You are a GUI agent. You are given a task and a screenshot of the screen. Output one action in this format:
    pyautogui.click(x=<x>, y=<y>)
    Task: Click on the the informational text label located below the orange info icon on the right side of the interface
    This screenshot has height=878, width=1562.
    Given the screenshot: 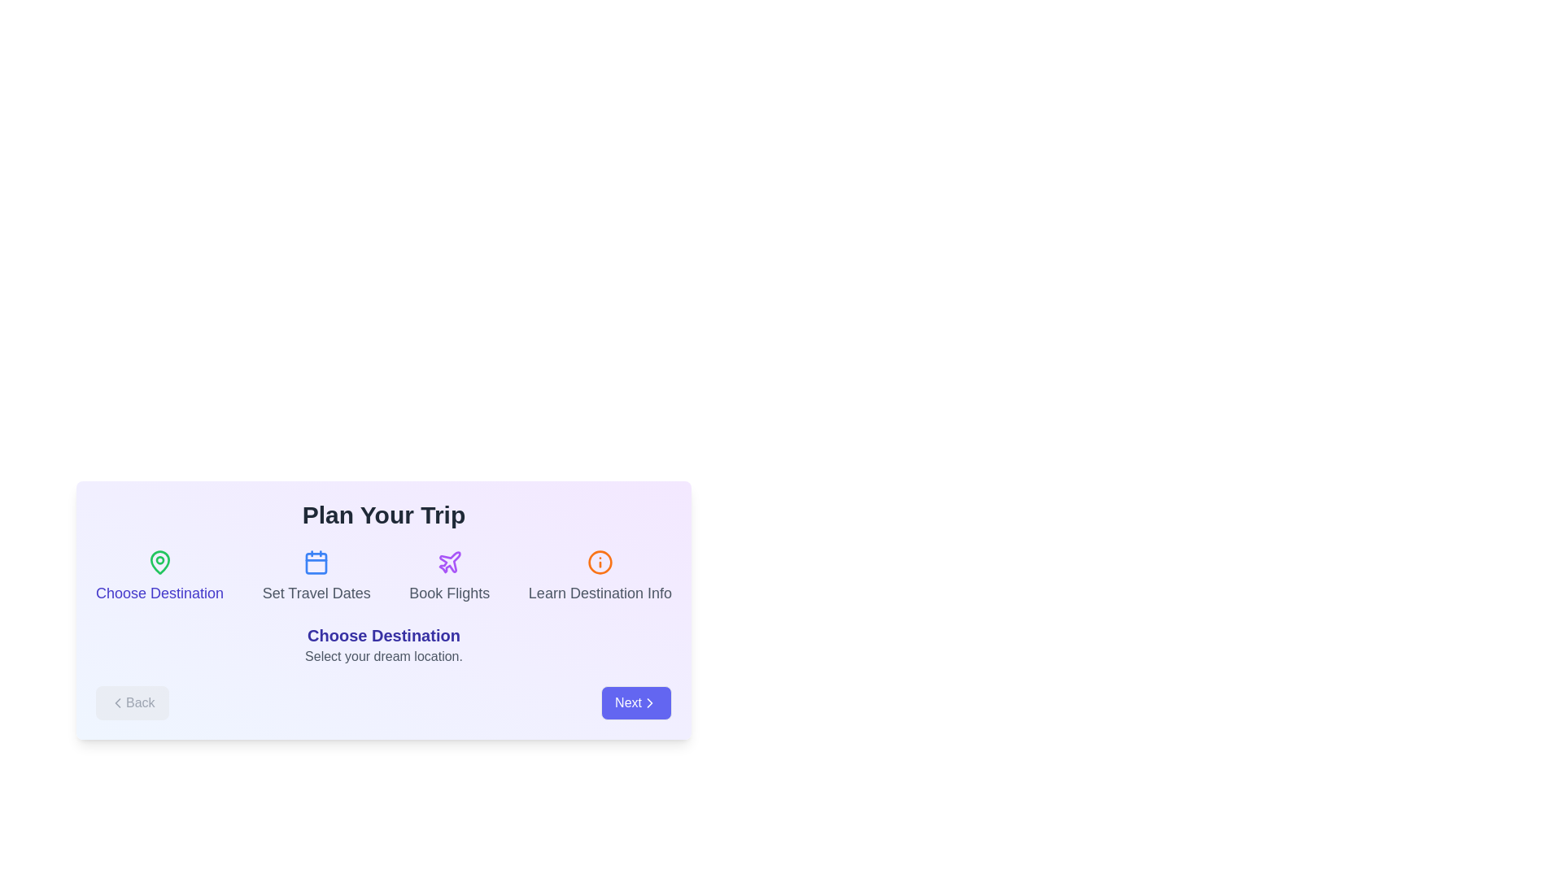 What is the action you would take?
    pyautogui.click(x=599, y=593)
    